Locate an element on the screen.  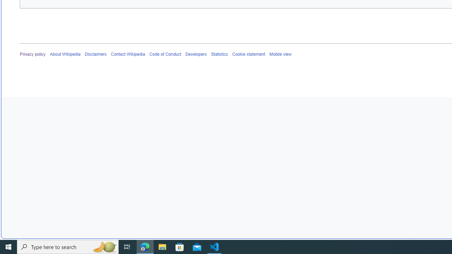
'Cookie statement' is located at coordinates (249, 54).